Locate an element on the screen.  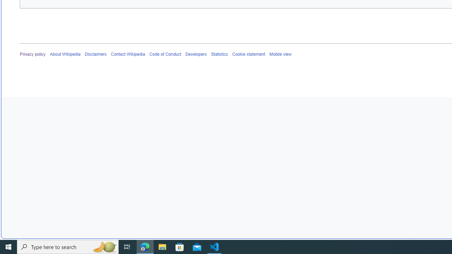
'Cookie statement' is located at coordinates (249, 54).